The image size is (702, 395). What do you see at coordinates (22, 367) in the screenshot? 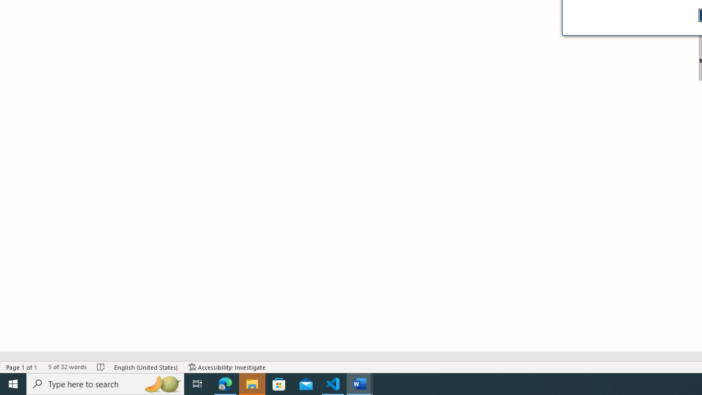
I see `'Page Number Page 1 of 1'` at bounding box center [22, 367].